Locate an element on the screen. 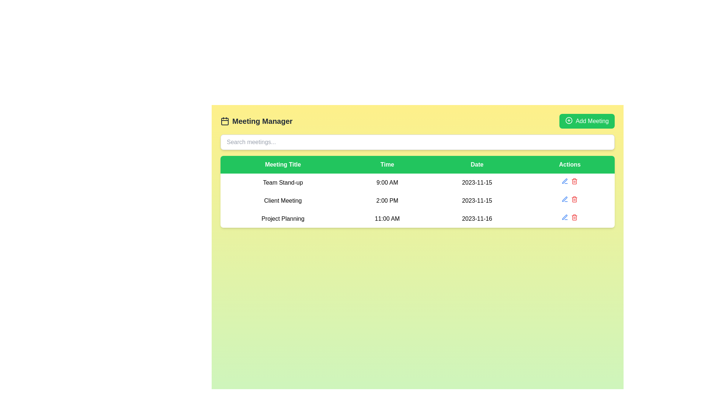 Image resolution: width=708 pixels, height=398 pixels. the button located at the top-right corner of the main content area, aligned with the 'Meeting Manager' header, to observe visual feedback is located at coordinates (587, 121).